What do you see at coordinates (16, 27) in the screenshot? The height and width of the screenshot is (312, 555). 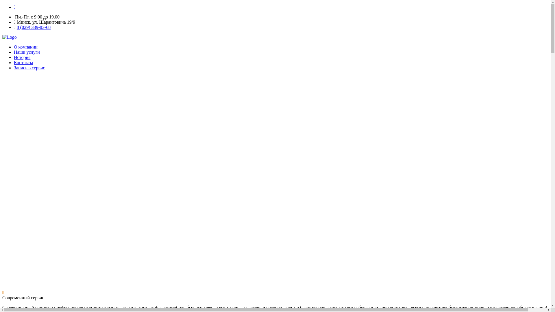 I see `'8 (029) 339-83-68'` at bounding box center [16, 27].